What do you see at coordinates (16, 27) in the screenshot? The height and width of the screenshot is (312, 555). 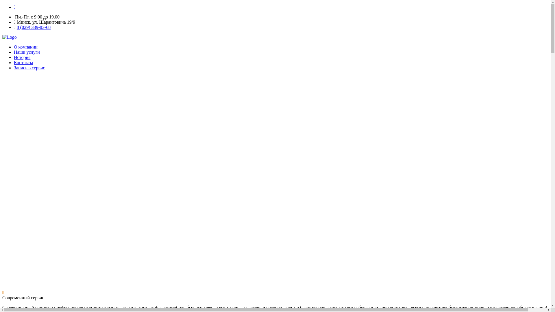 I see `'8 (029) 339-83-68'` at bounding box center [16, 27].